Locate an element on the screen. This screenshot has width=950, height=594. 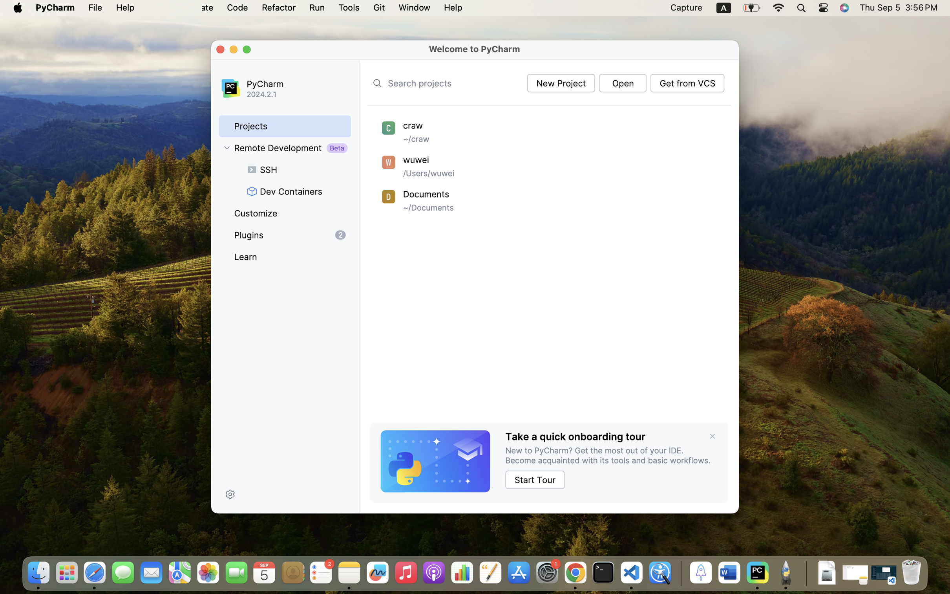
'Take a quick onboarding tour' is located at coordinates (575, 436).